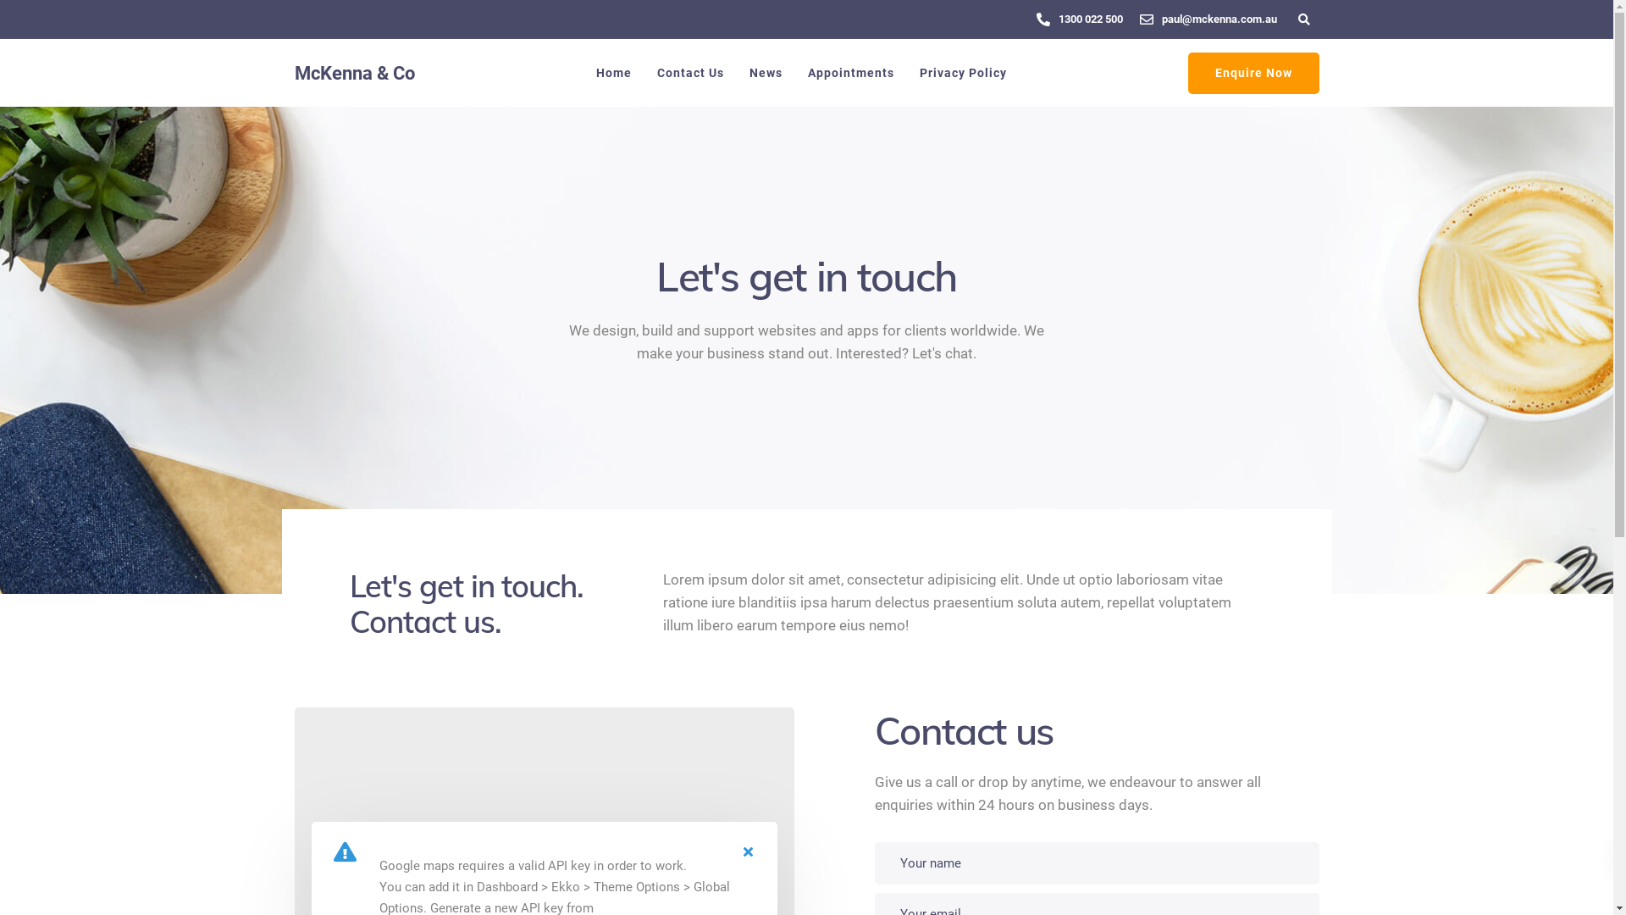 This screenshot has width=1626, height=915. I want to click on 'Privacy Policy', so click(962, 71).